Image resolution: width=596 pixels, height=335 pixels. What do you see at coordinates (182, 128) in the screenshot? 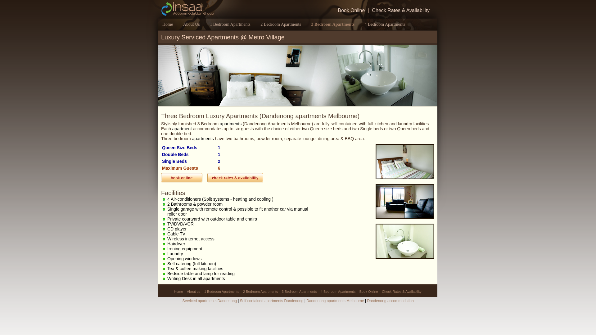
I see `'apartment'` at bounding box center [182, 128].